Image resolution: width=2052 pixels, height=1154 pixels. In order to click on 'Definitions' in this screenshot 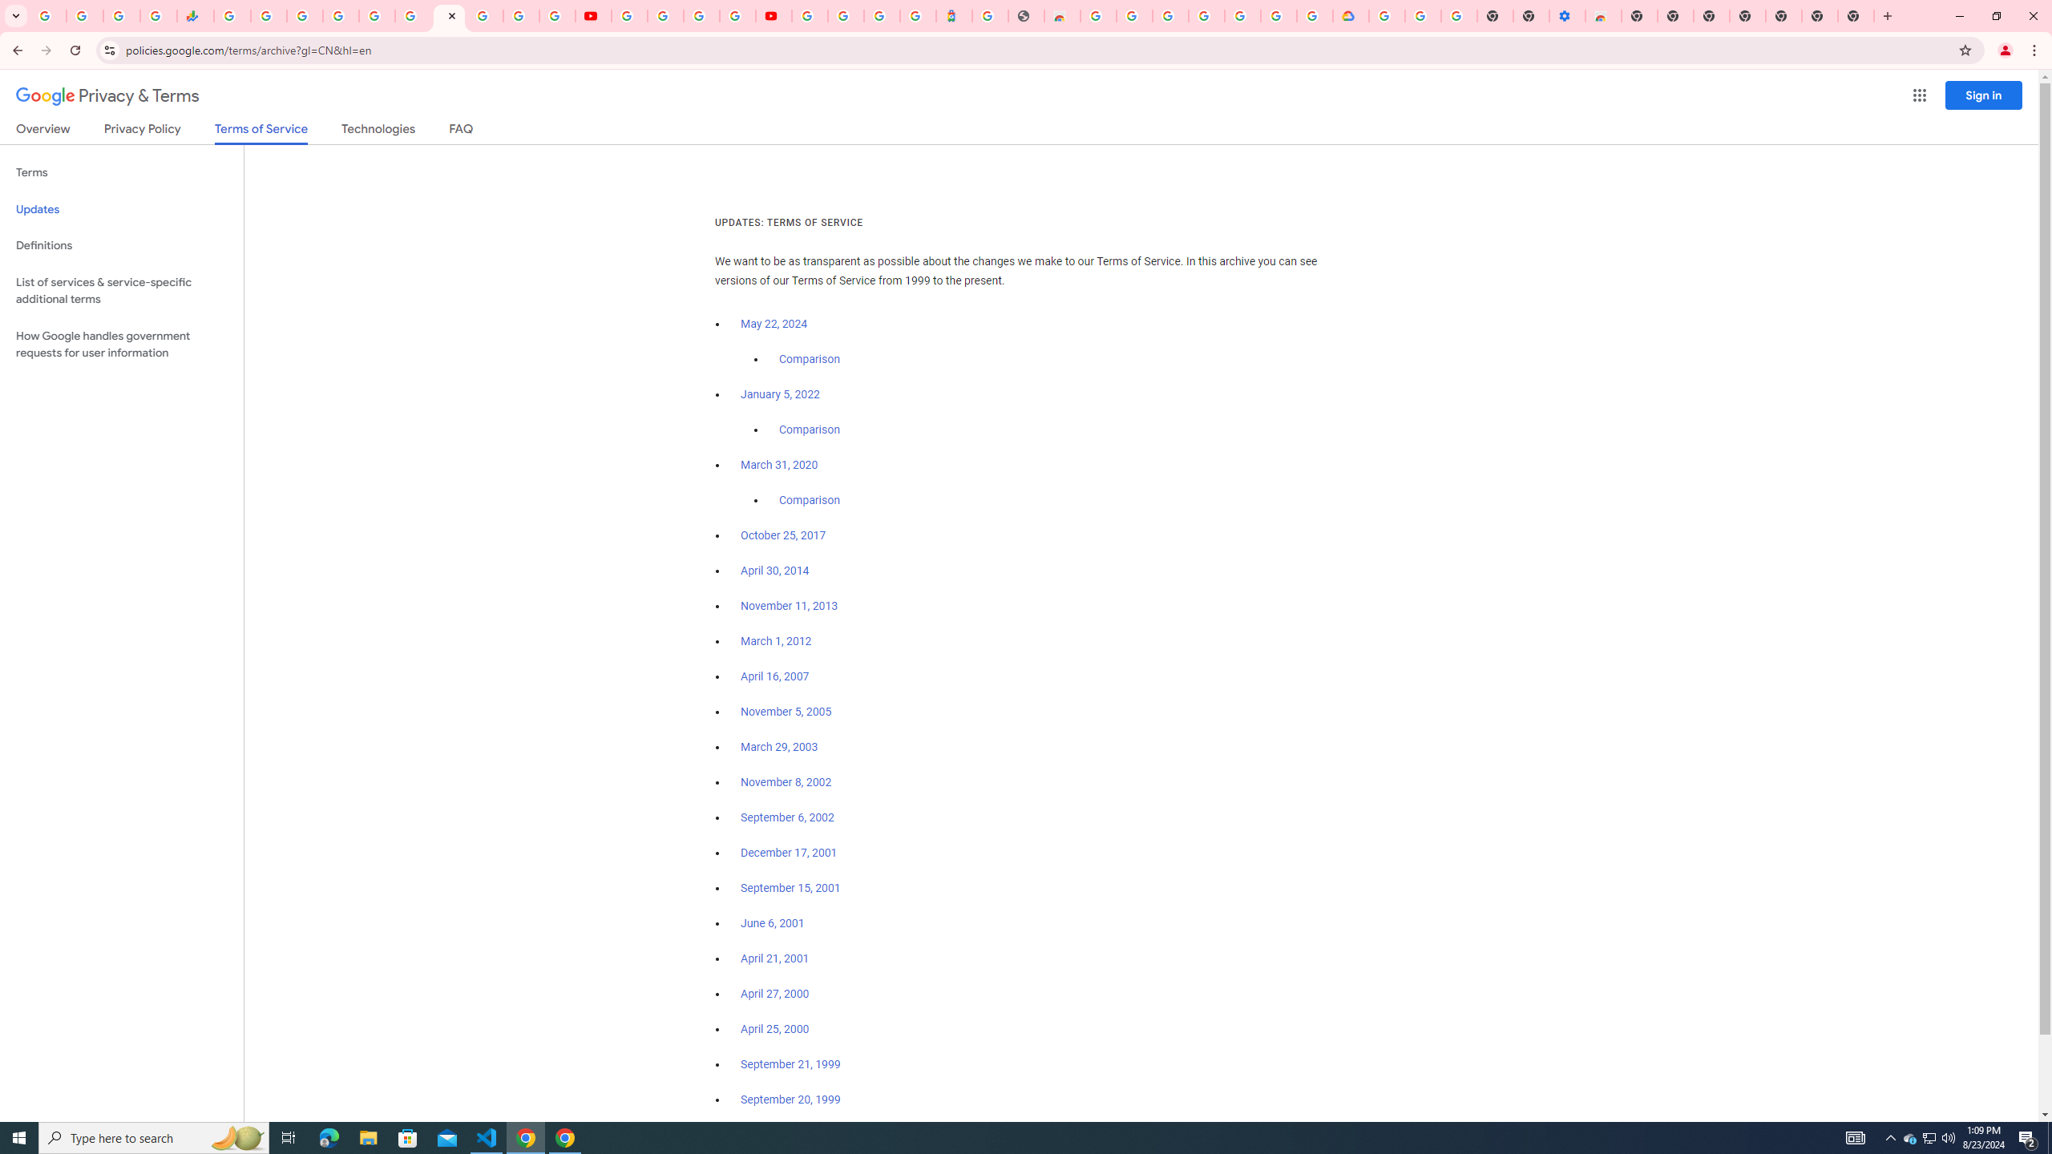, I will do `click(121, 245)`.